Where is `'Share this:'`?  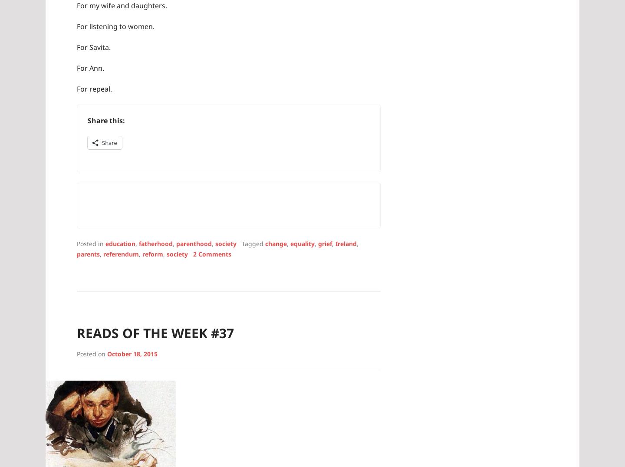
'Share this:' is located at coordinates (105, 119).